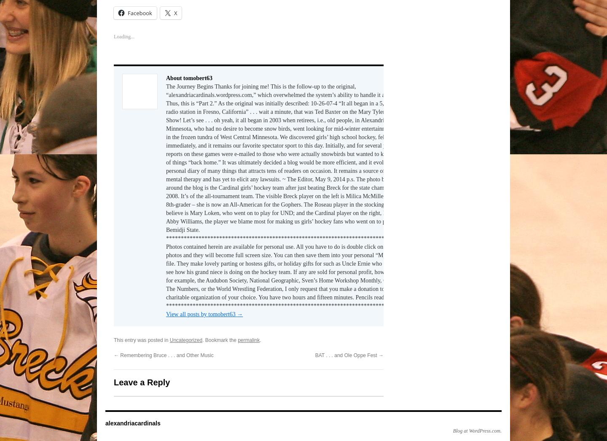 The image size is (607, 441). Describe the element at coordinates (201, 312) in the screenshot. I see `'View all posts by tomobert63'` at that location.